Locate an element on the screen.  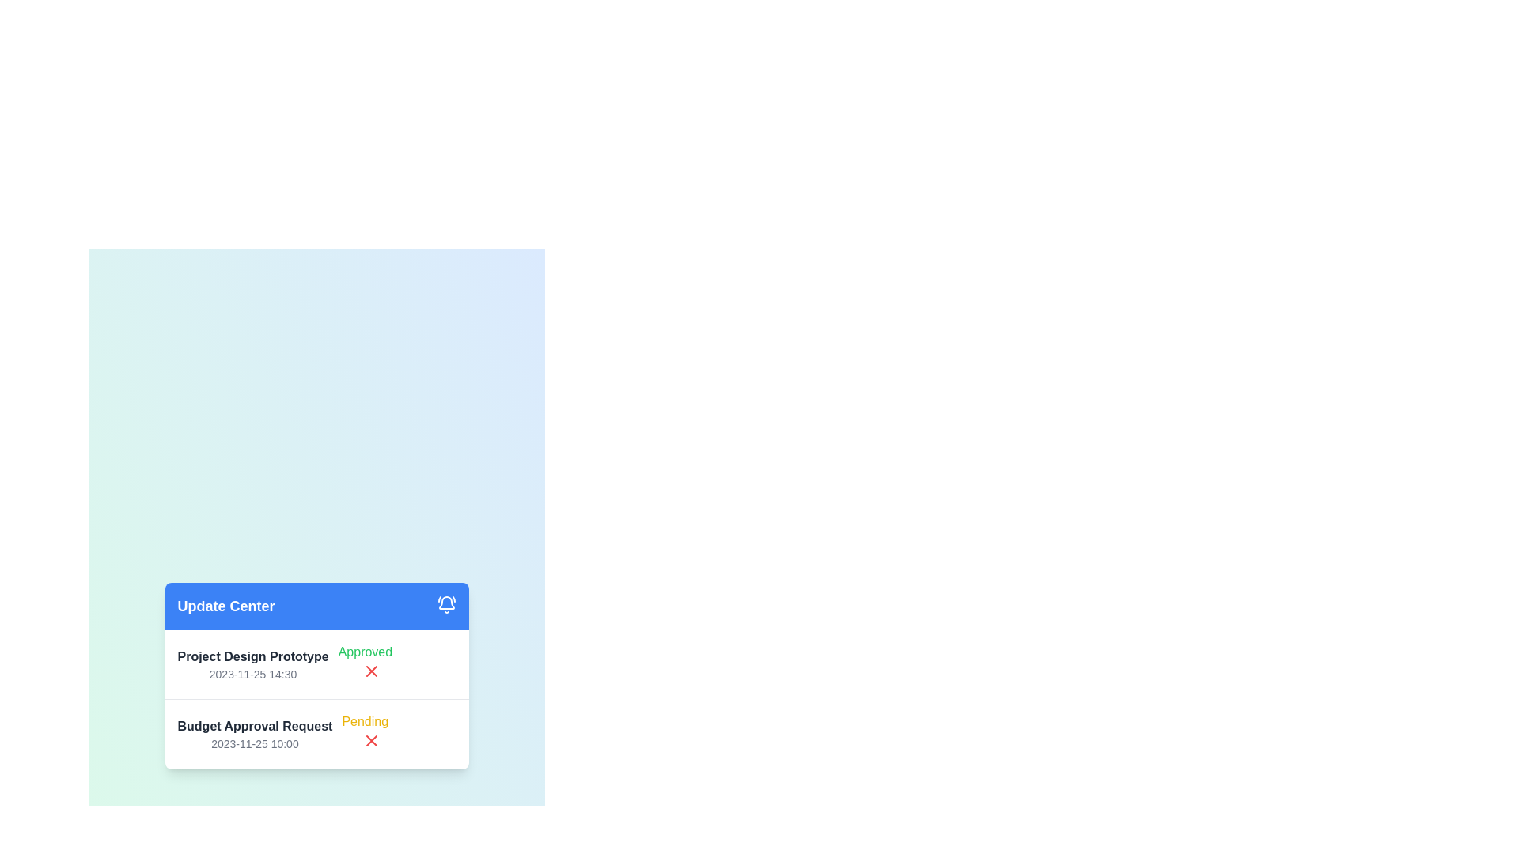
the timestamp text label displaying '2023-11-25 10:00', which is located below the 'Budget Approval Request' label in the 'Update Center' module is located at coordinates (255, 743).